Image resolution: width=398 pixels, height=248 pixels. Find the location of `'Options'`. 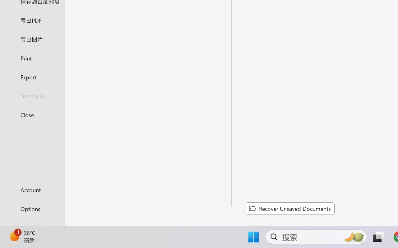

'Options' is located at coordinates (32, 209).